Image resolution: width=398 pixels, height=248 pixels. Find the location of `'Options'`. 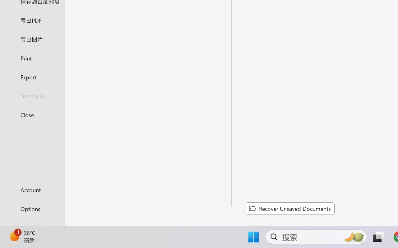

'Options' is located at coordinates (32, 209).